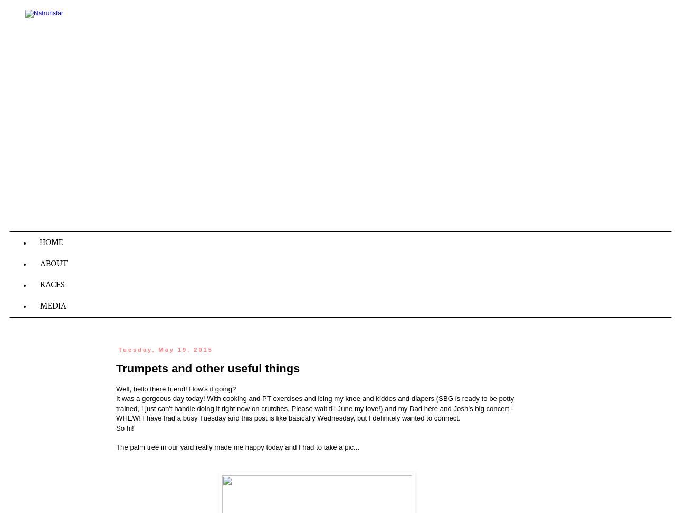 The height and width of the screenshot is (513, 677). I want to click on 'and my Dad here and Josh's big concert - WHEW! I have had a busy Tuesday and this post is like basically Wednesday, but I definitely wanted to connect.', so click(314, 413).